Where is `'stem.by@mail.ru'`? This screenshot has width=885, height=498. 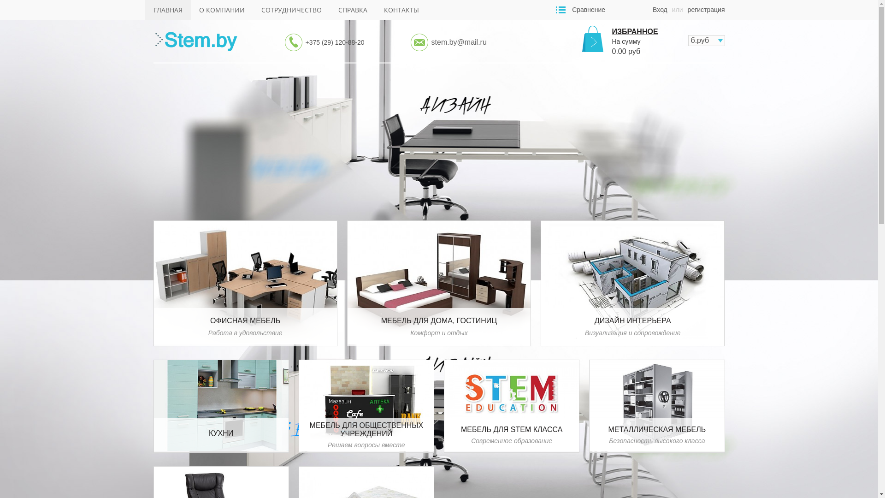 'stem.by@mail.ru' is located at coordinates (459, 42).